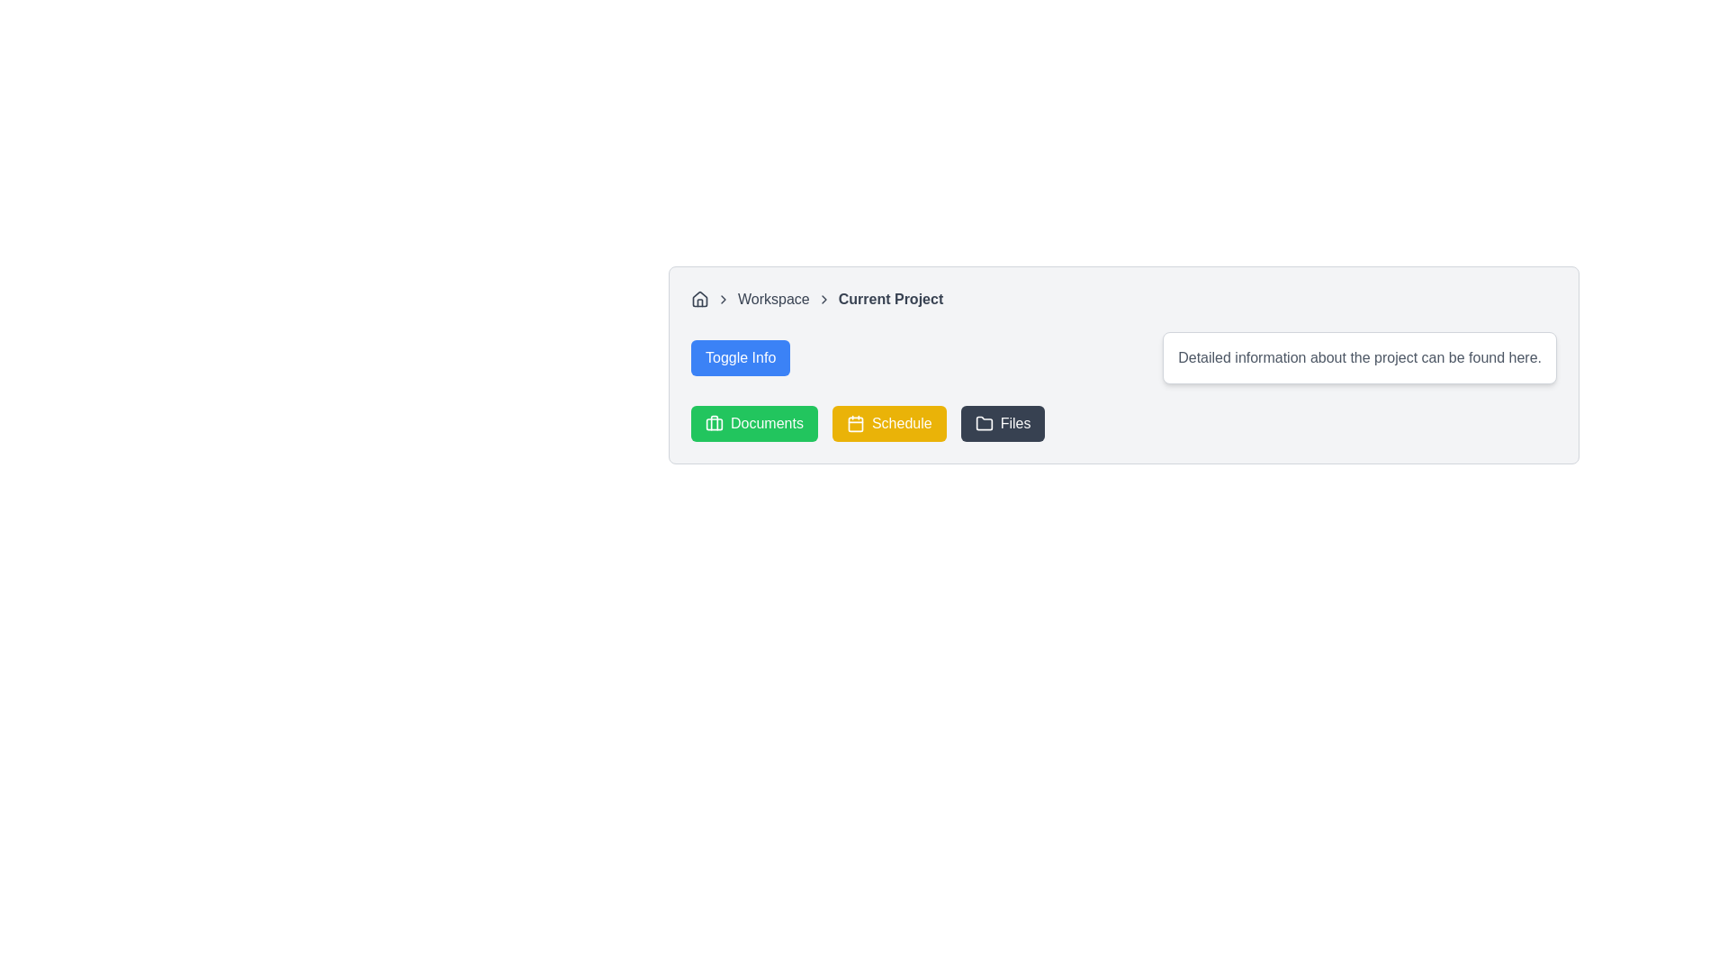  I want to click on the folder icon located to the left of the 'Files' button in the bottom-right corner of the interface, so click(983, 423).